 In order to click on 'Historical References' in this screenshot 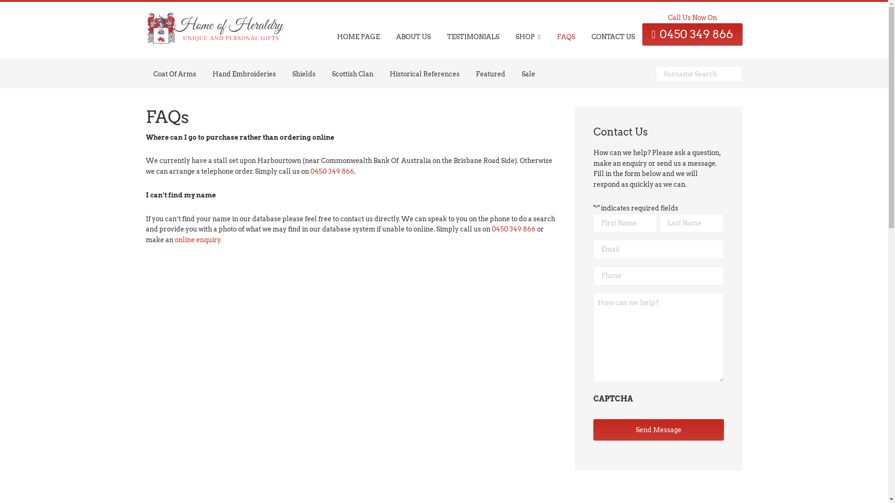, I will do `click(424, 73)`.